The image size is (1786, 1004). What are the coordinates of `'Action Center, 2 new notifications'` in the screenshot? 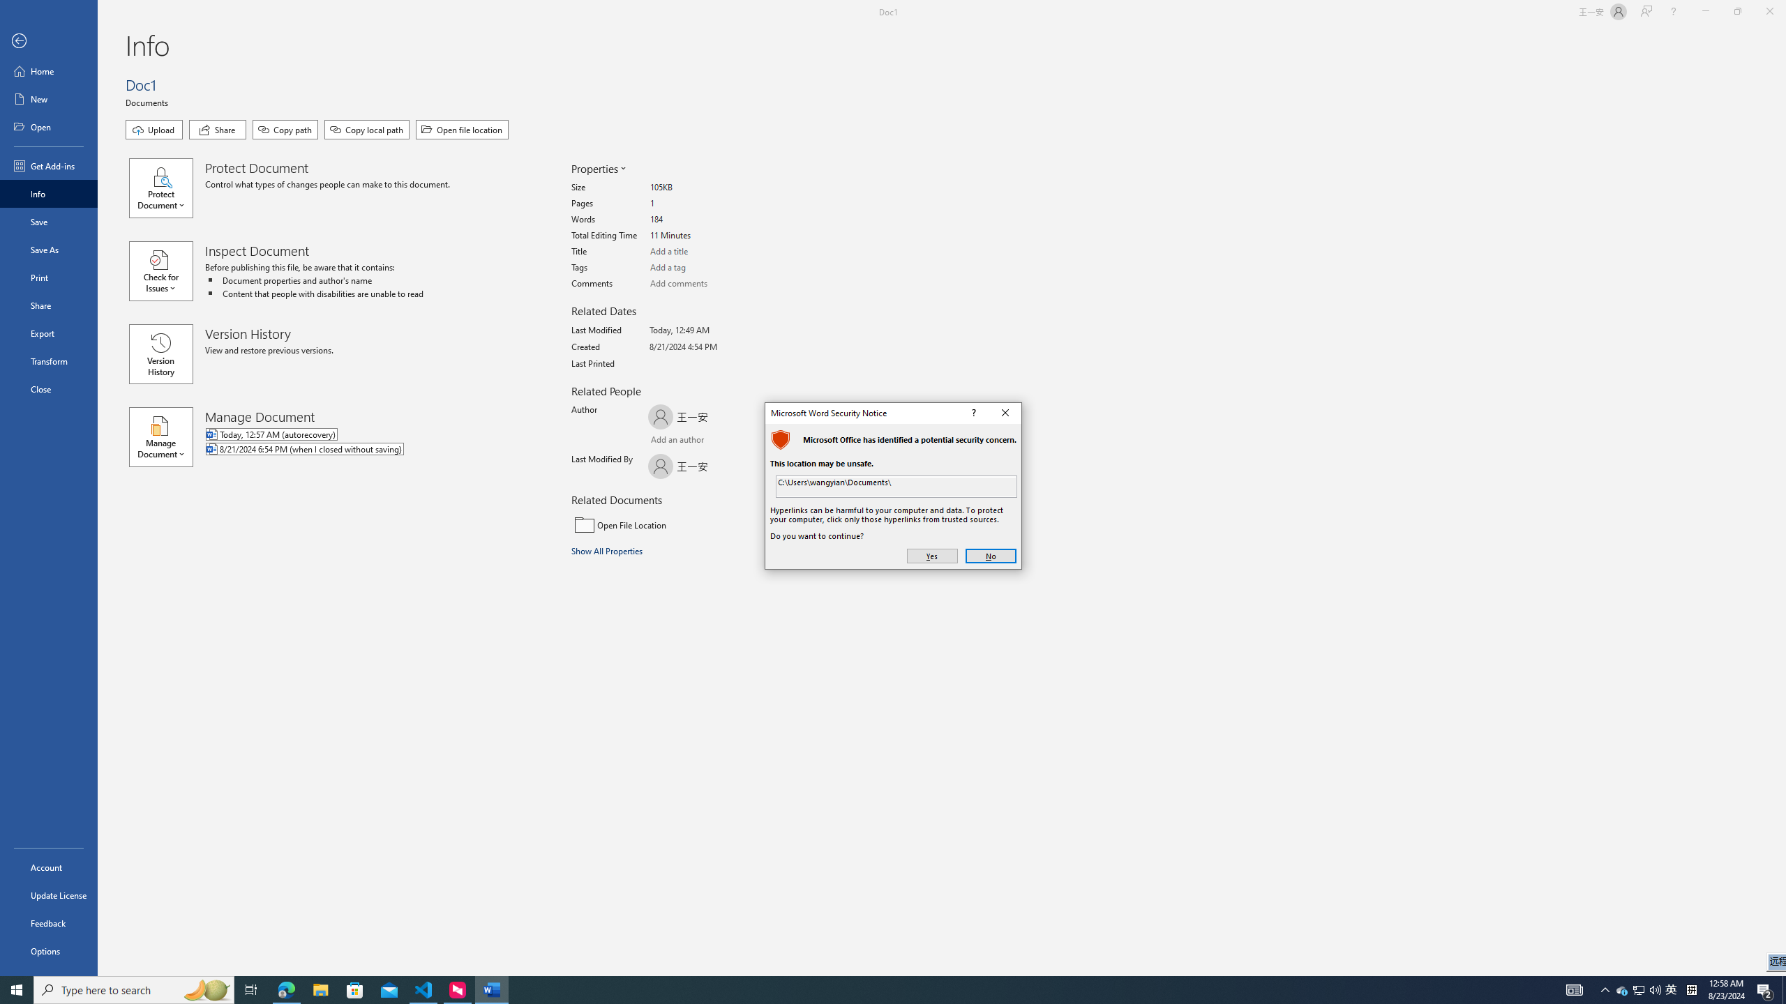 It's located at (1765, 989).